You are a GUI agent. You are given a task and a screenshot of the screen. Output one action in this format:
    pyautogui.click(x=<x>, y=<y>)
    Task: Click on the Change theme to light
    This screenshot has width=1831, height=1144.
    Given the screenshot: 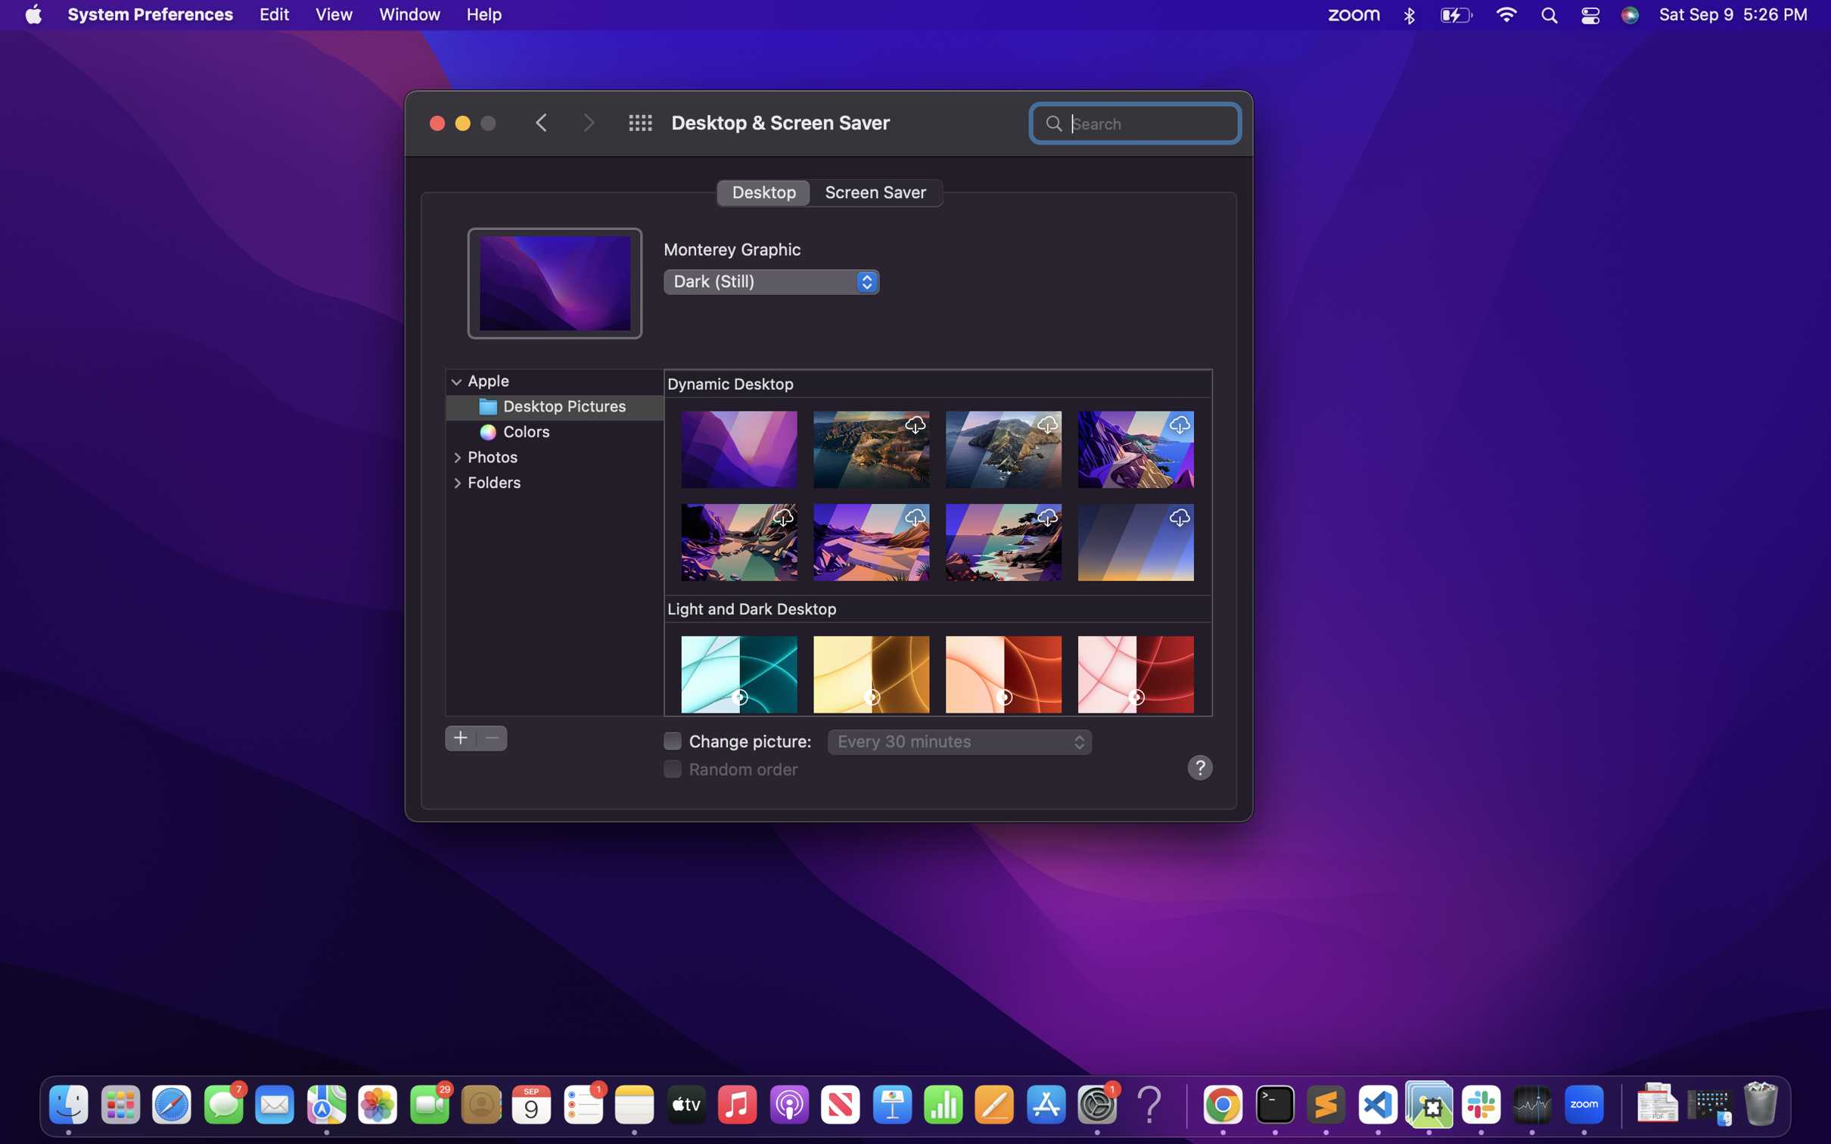 What is the action you would take?
    pyautogui.click(x=770, y=280)
    